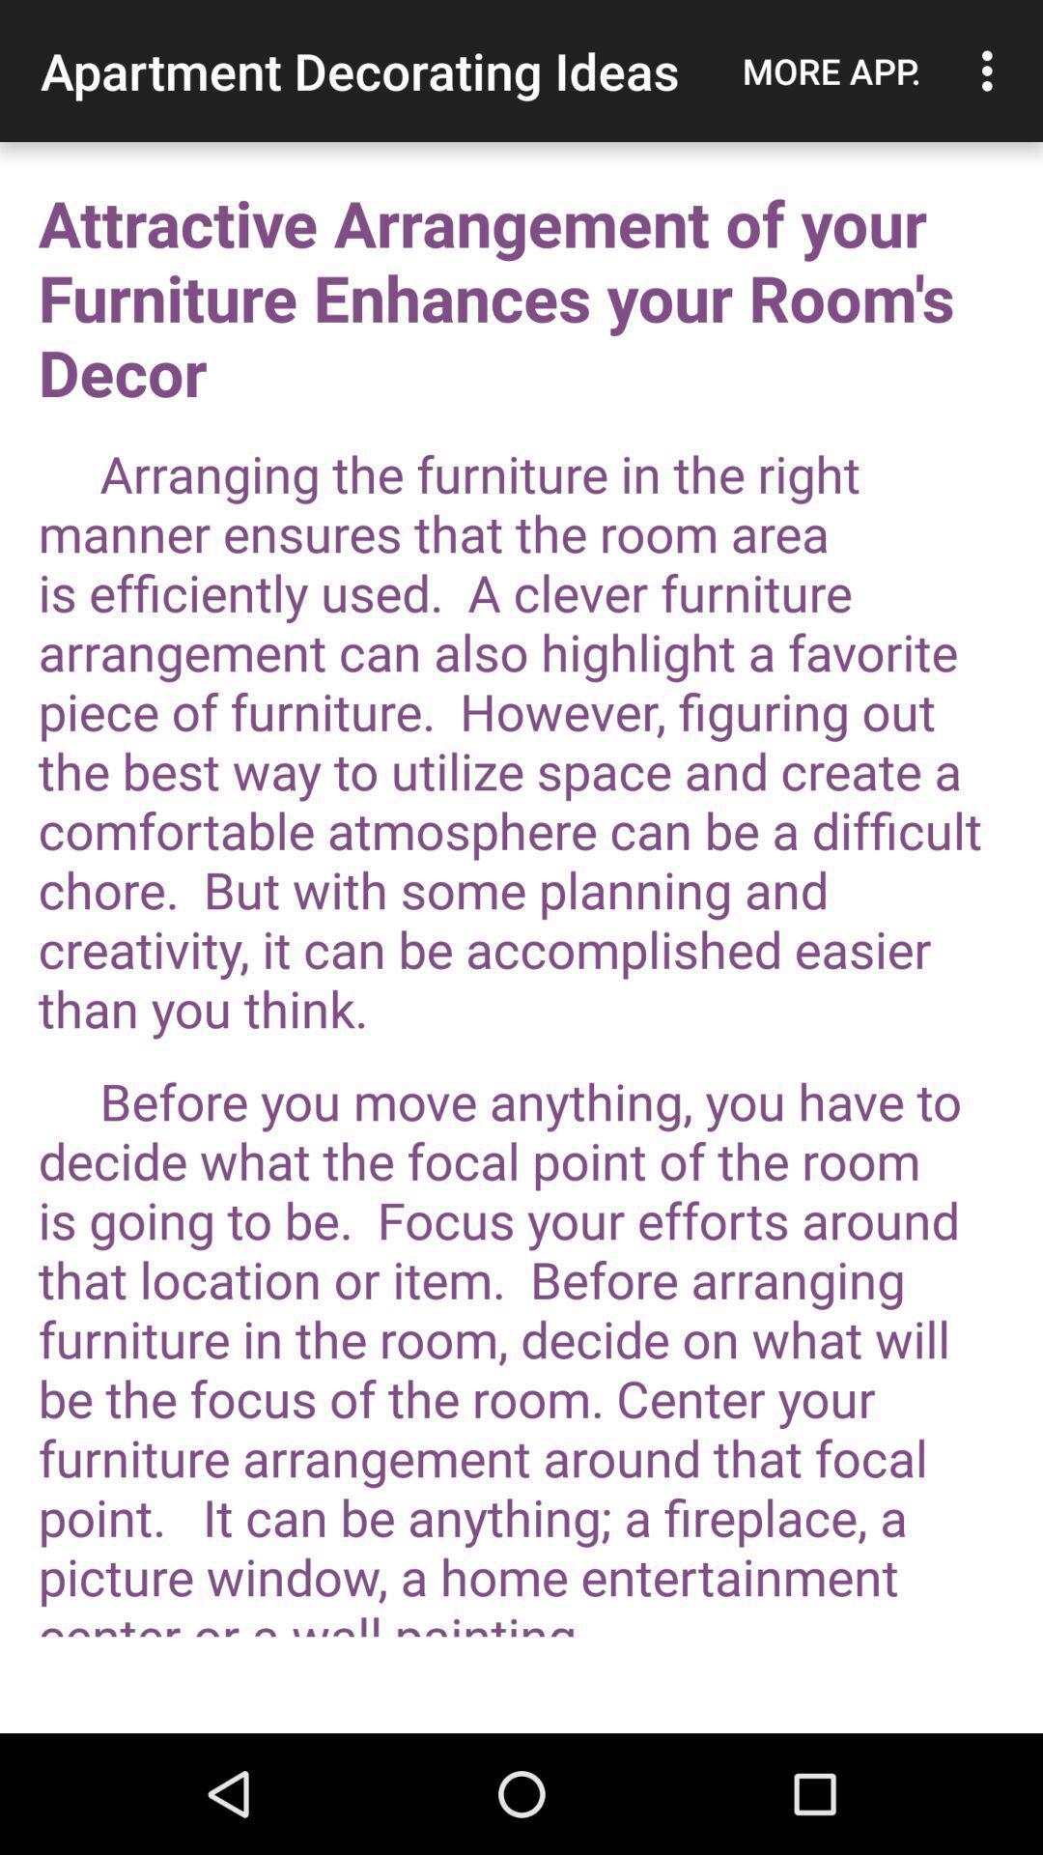  Describe the element at coordinates (992, 71) in the screenshot. I see `the icon to the right of more app.` at that location.